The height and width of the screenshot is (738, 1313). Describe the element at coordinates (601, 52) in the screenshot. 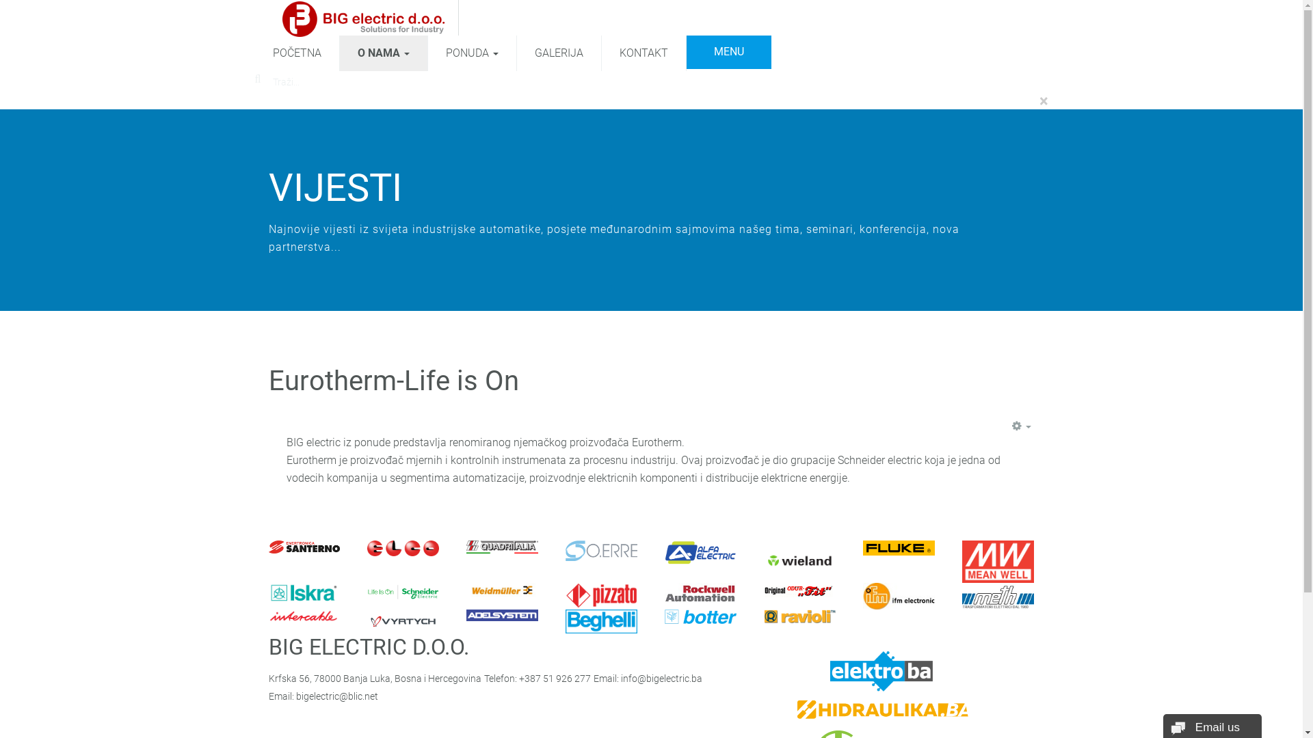

I see `'KONTAKT'` at that location.